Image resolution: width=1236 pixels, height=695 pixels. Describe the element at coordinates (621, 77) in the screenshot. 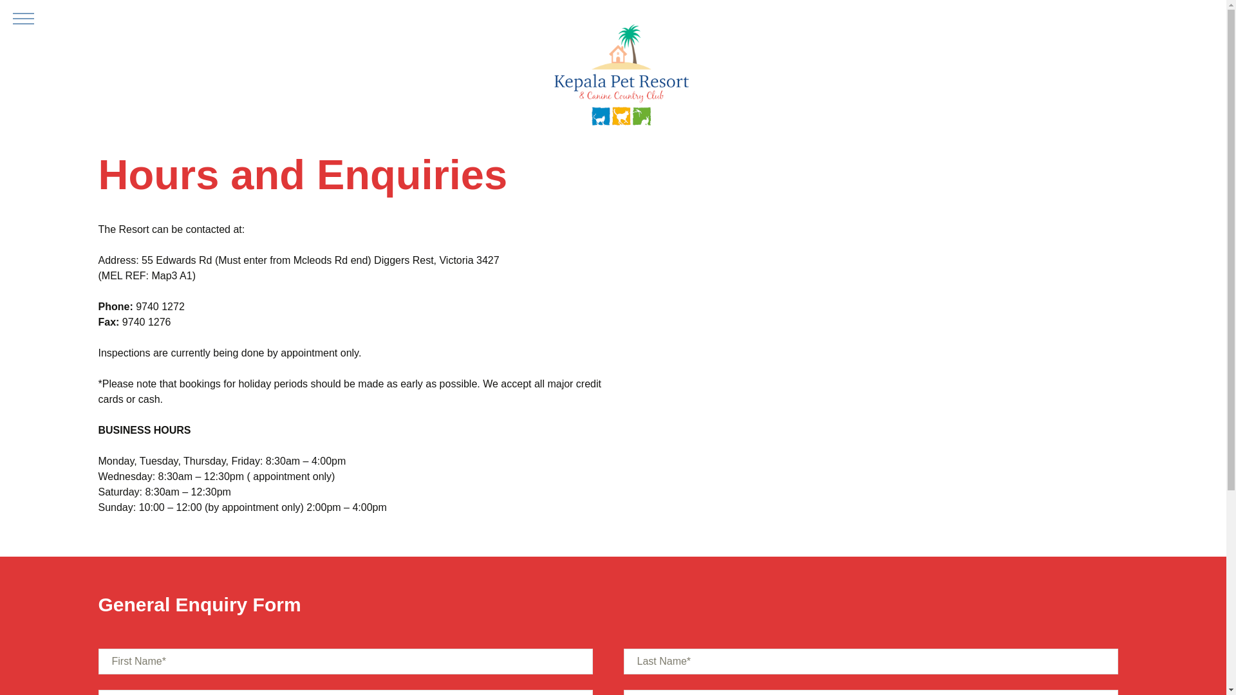

I see `'Kepala Pet Resort & Canine Country Club'` at that location.